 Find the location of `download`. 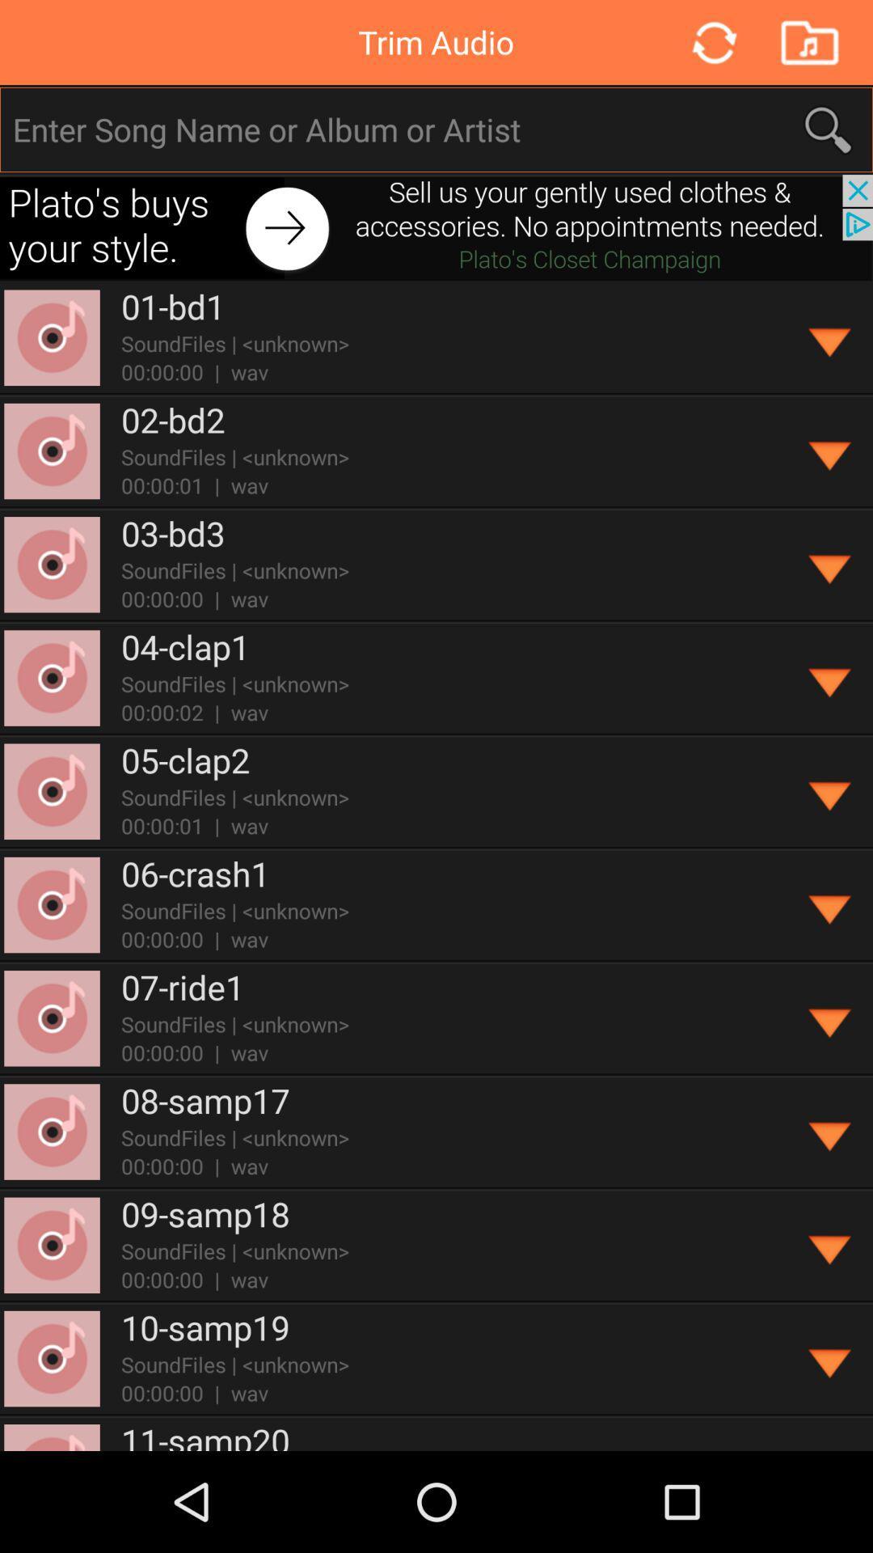

download is located at coordinates (830, 1245).